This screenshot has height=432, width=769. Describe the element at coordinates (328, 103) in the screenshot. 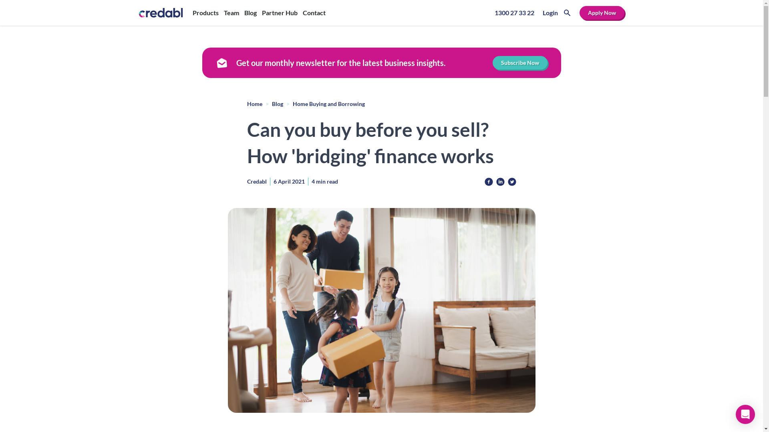

I see `'Home Buying and Borrowing'` at that location.